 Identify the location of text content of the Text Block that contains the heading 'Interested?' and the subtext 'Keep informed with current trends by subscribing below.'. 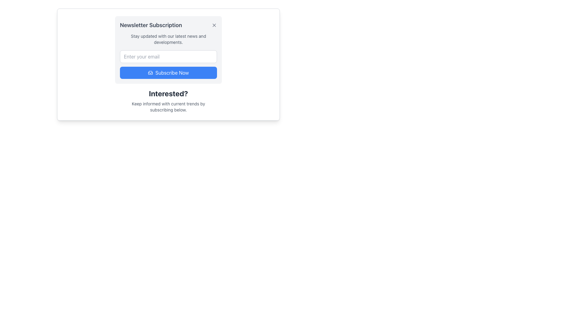
(168, 101).